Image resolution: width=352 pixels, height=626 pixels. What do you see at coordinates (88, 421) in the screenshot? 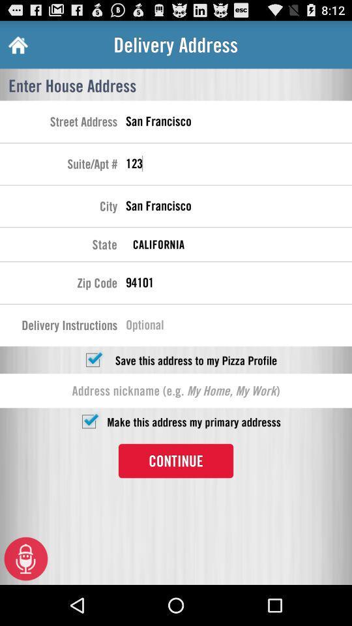
I see `primary address` at bounding box center [88, 421].